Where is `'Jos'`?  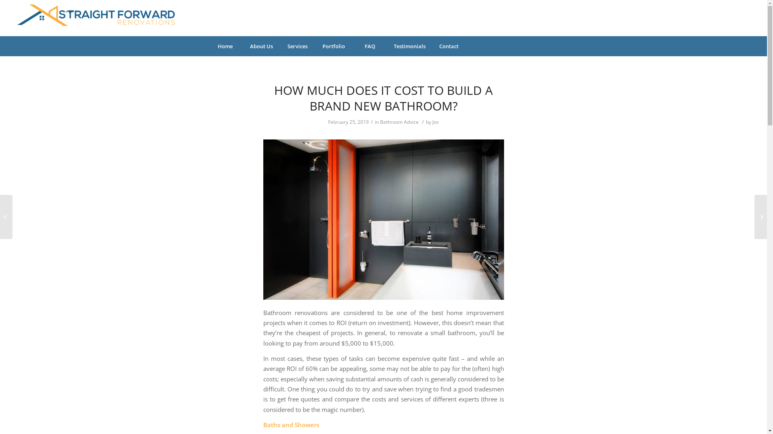
'Jos' is located at coordinates (435, 122).